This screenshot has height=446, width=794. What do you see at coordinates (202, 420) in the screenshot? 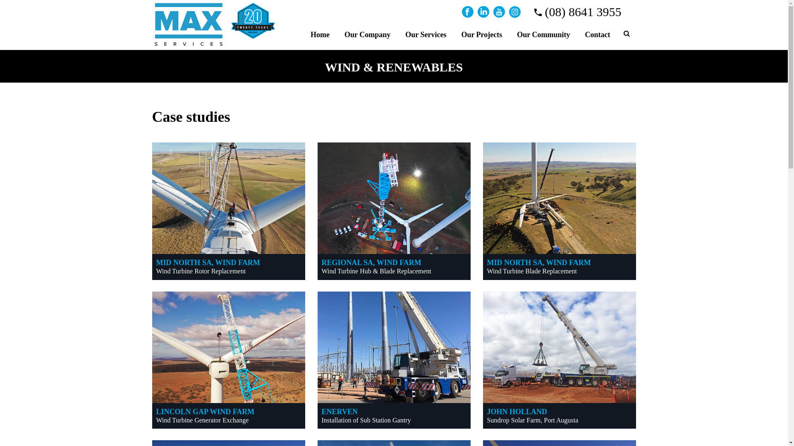
I see `'Wind Turbine Generator Exchange'` at bounding box center [202, 420].